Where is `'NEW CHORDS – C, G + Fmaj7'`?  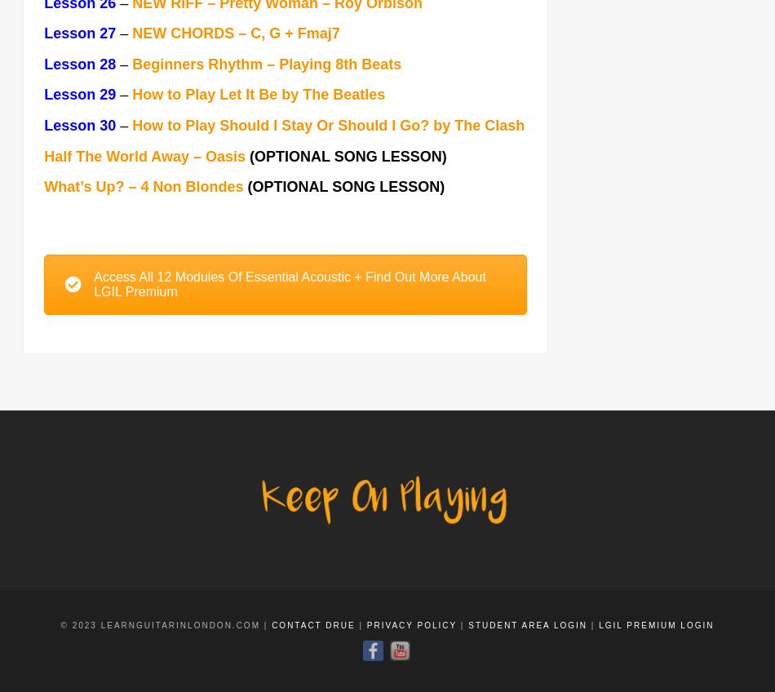 'NEW CHORDS – C, G + Fmaj7' is located at coordinates (234, 33).